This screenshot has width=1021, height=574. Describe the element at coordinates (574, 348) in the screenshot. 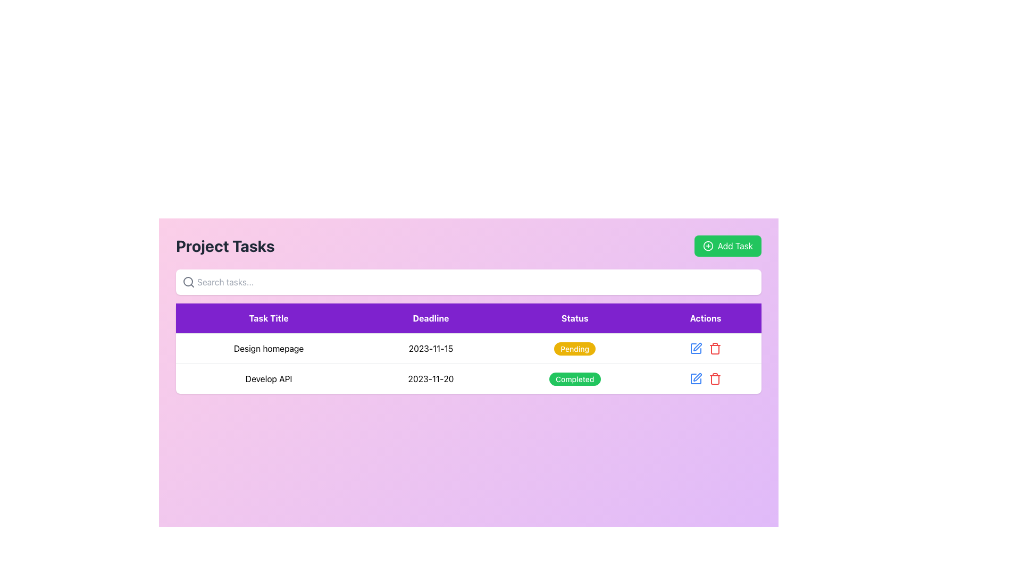

I see `the status indicator labeled 'Pending', which is a small, horizontally elongated button in the 'Status' column of the first row of the table located below the 'Project Tasks' header` at that location.